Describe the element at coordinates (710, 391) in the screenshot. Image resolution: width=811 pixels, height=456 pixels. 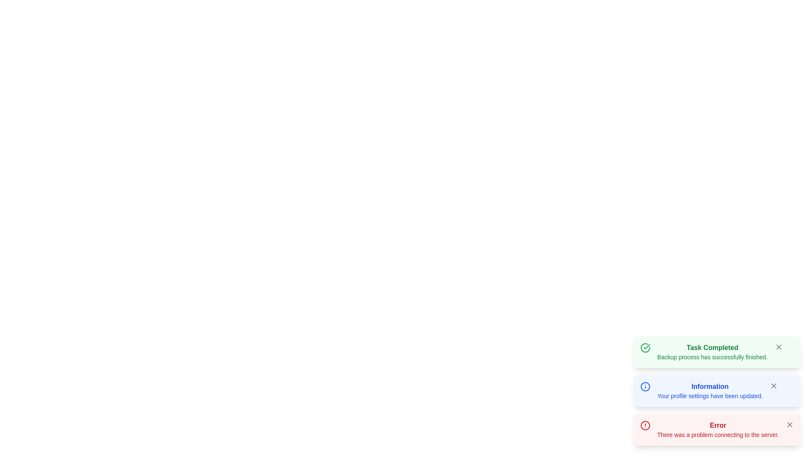
I see `text component displaying 'Information' in bold blue font, followed by 'Your profile settings have been updated.' on a light blue background` at that location.